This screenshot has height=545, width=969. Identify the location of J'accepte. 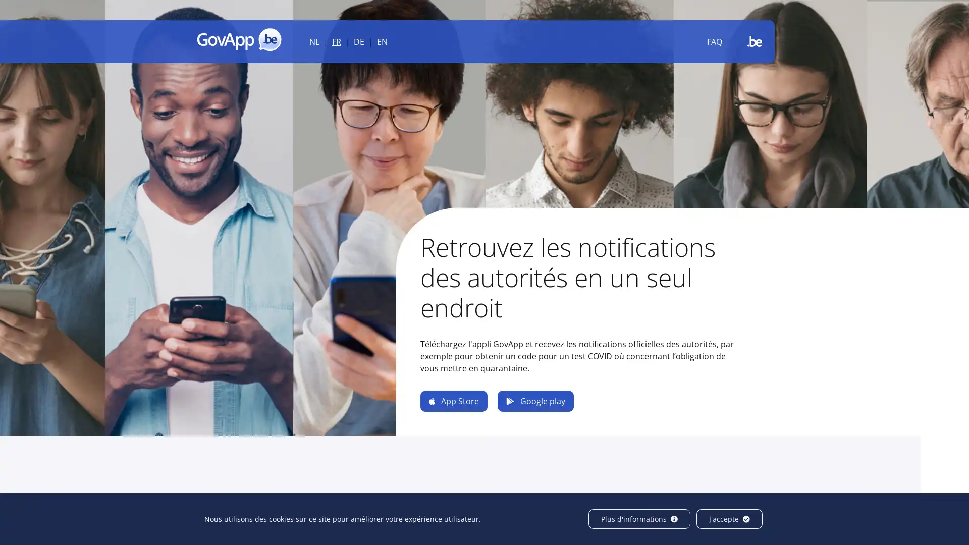
(729, 519).